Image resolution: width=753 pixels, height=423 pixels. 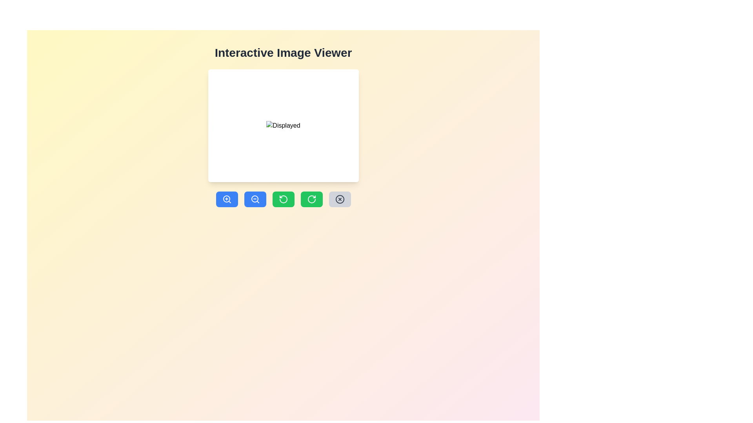 I want to click on the second button from the left in the horizontal row of five buttons beneath the 'Interactive Image Viewer' display, so click(x=255, y=199).